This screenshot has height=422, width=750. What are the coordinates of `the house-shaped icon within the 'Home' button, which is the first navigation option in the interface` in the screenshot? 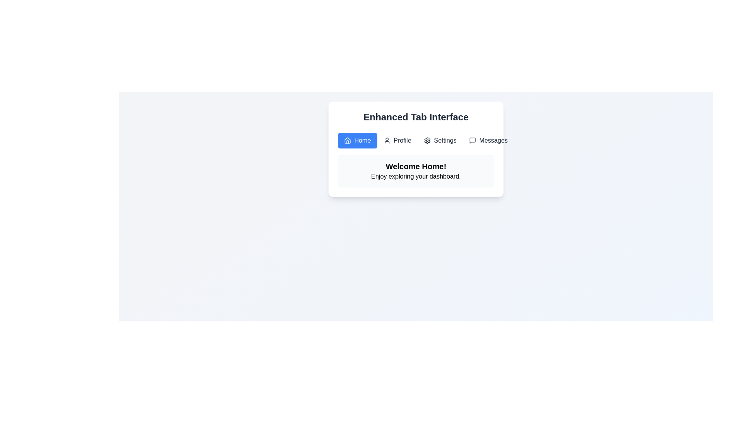 It's located at (347, 139).